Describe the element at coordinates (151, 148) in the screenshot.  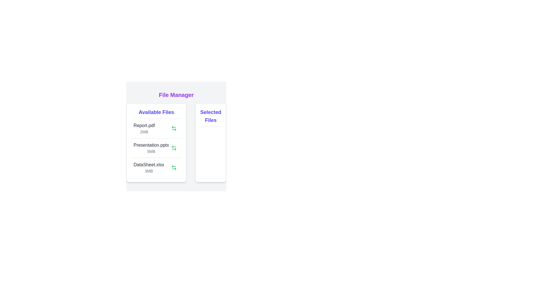
I see `the file item label 'Presentation.pptx' in the 'Available Files' section` at that location.